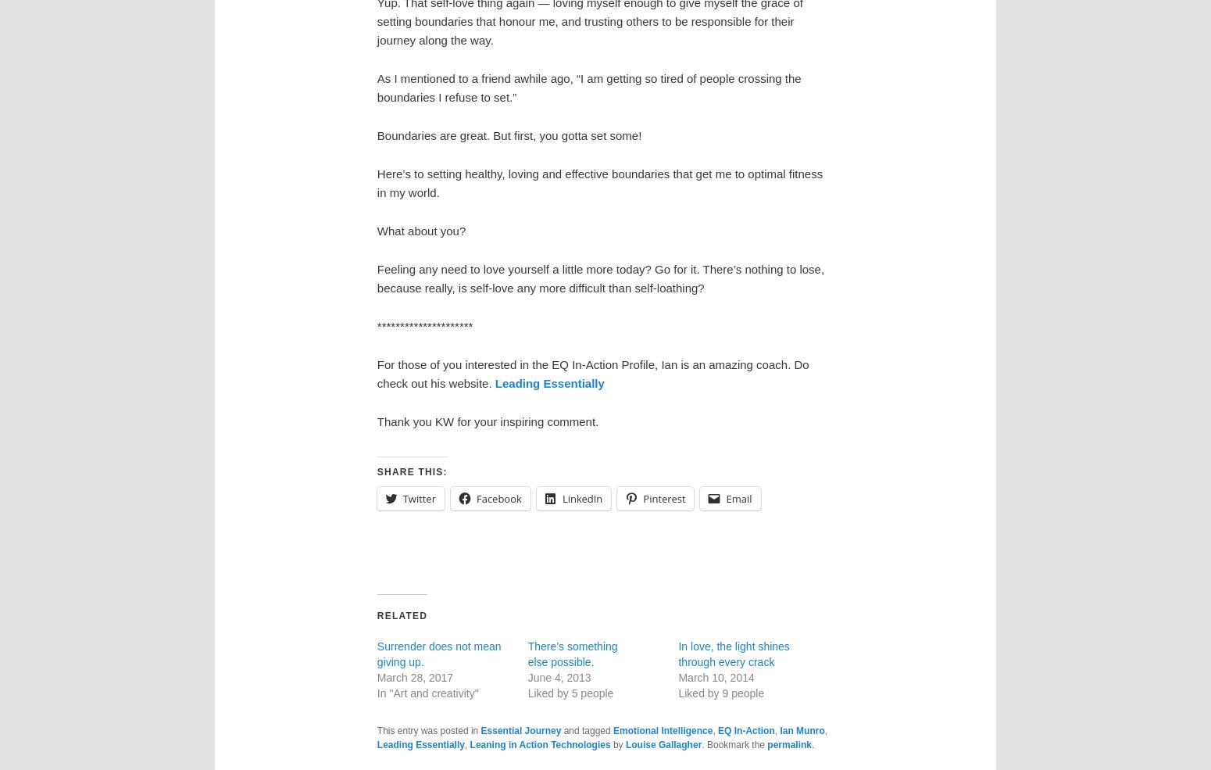 The width and height of the screenshot is (1211, 770). I want to click on 'permalink', so click(766, 744).